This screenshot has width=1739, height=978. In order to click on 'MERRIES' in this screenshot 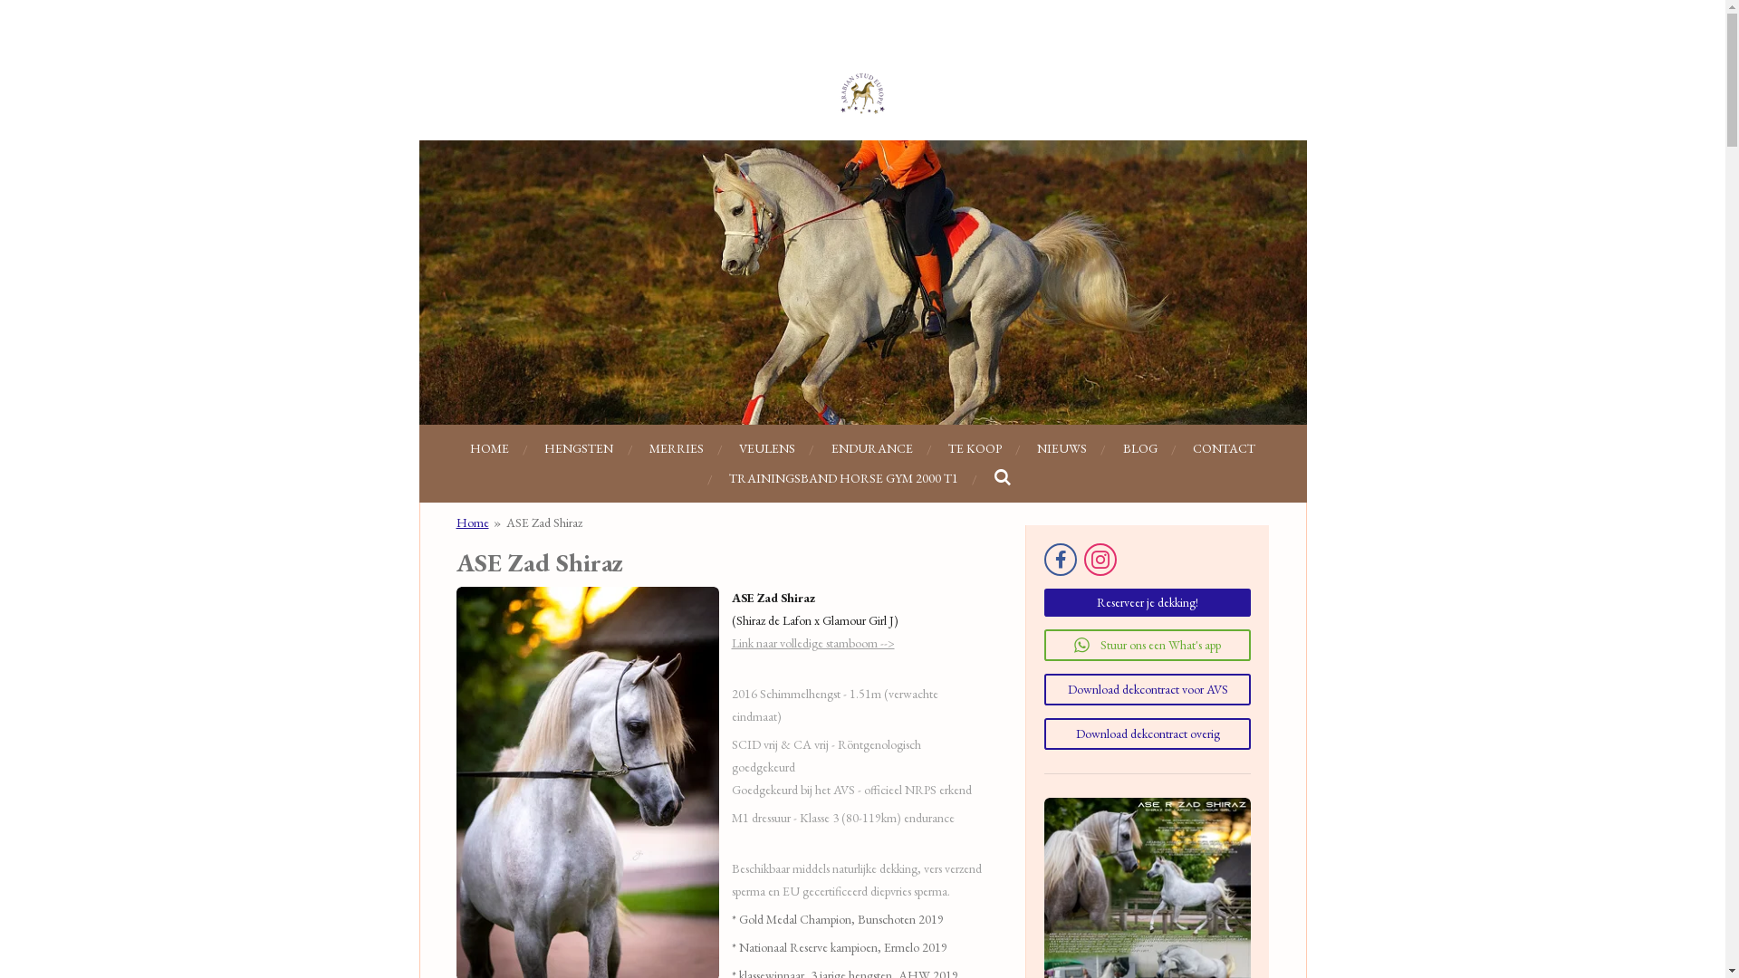, I will do `click(676, 448)`.